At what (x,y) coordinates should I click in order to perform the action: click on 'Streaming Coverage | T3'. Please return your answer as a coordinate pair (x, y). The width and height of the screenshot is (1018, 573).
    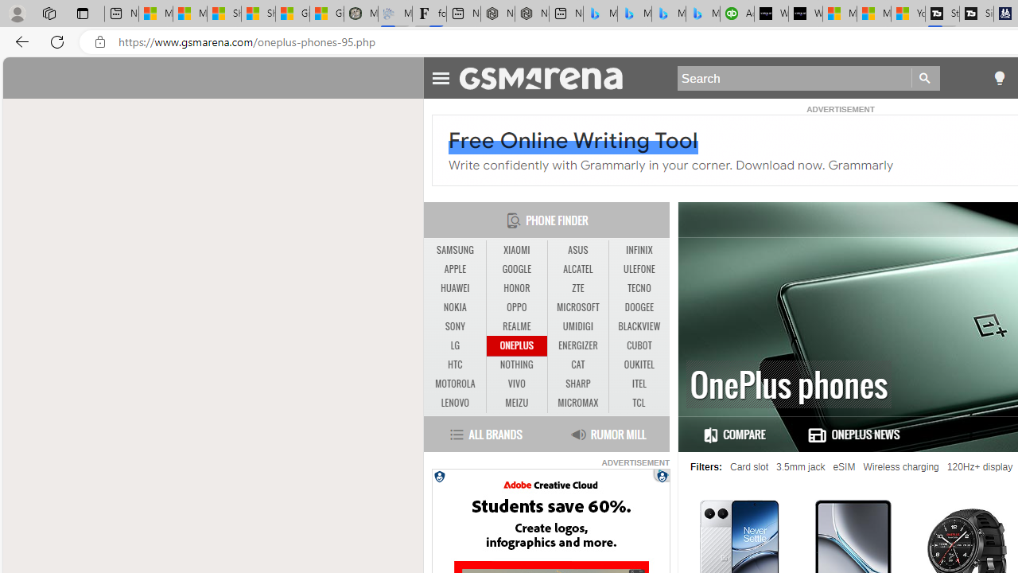
    Looking at the image, I should click on (942, 14).